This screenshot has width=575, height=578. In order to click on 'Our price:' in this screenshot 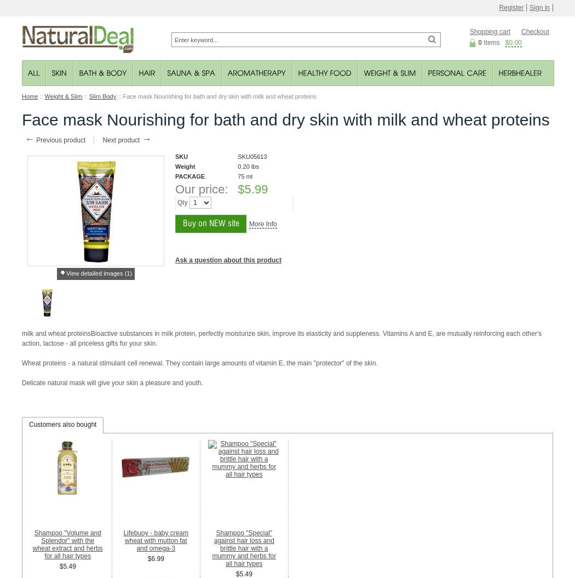, I will do `click(201, 188)`.